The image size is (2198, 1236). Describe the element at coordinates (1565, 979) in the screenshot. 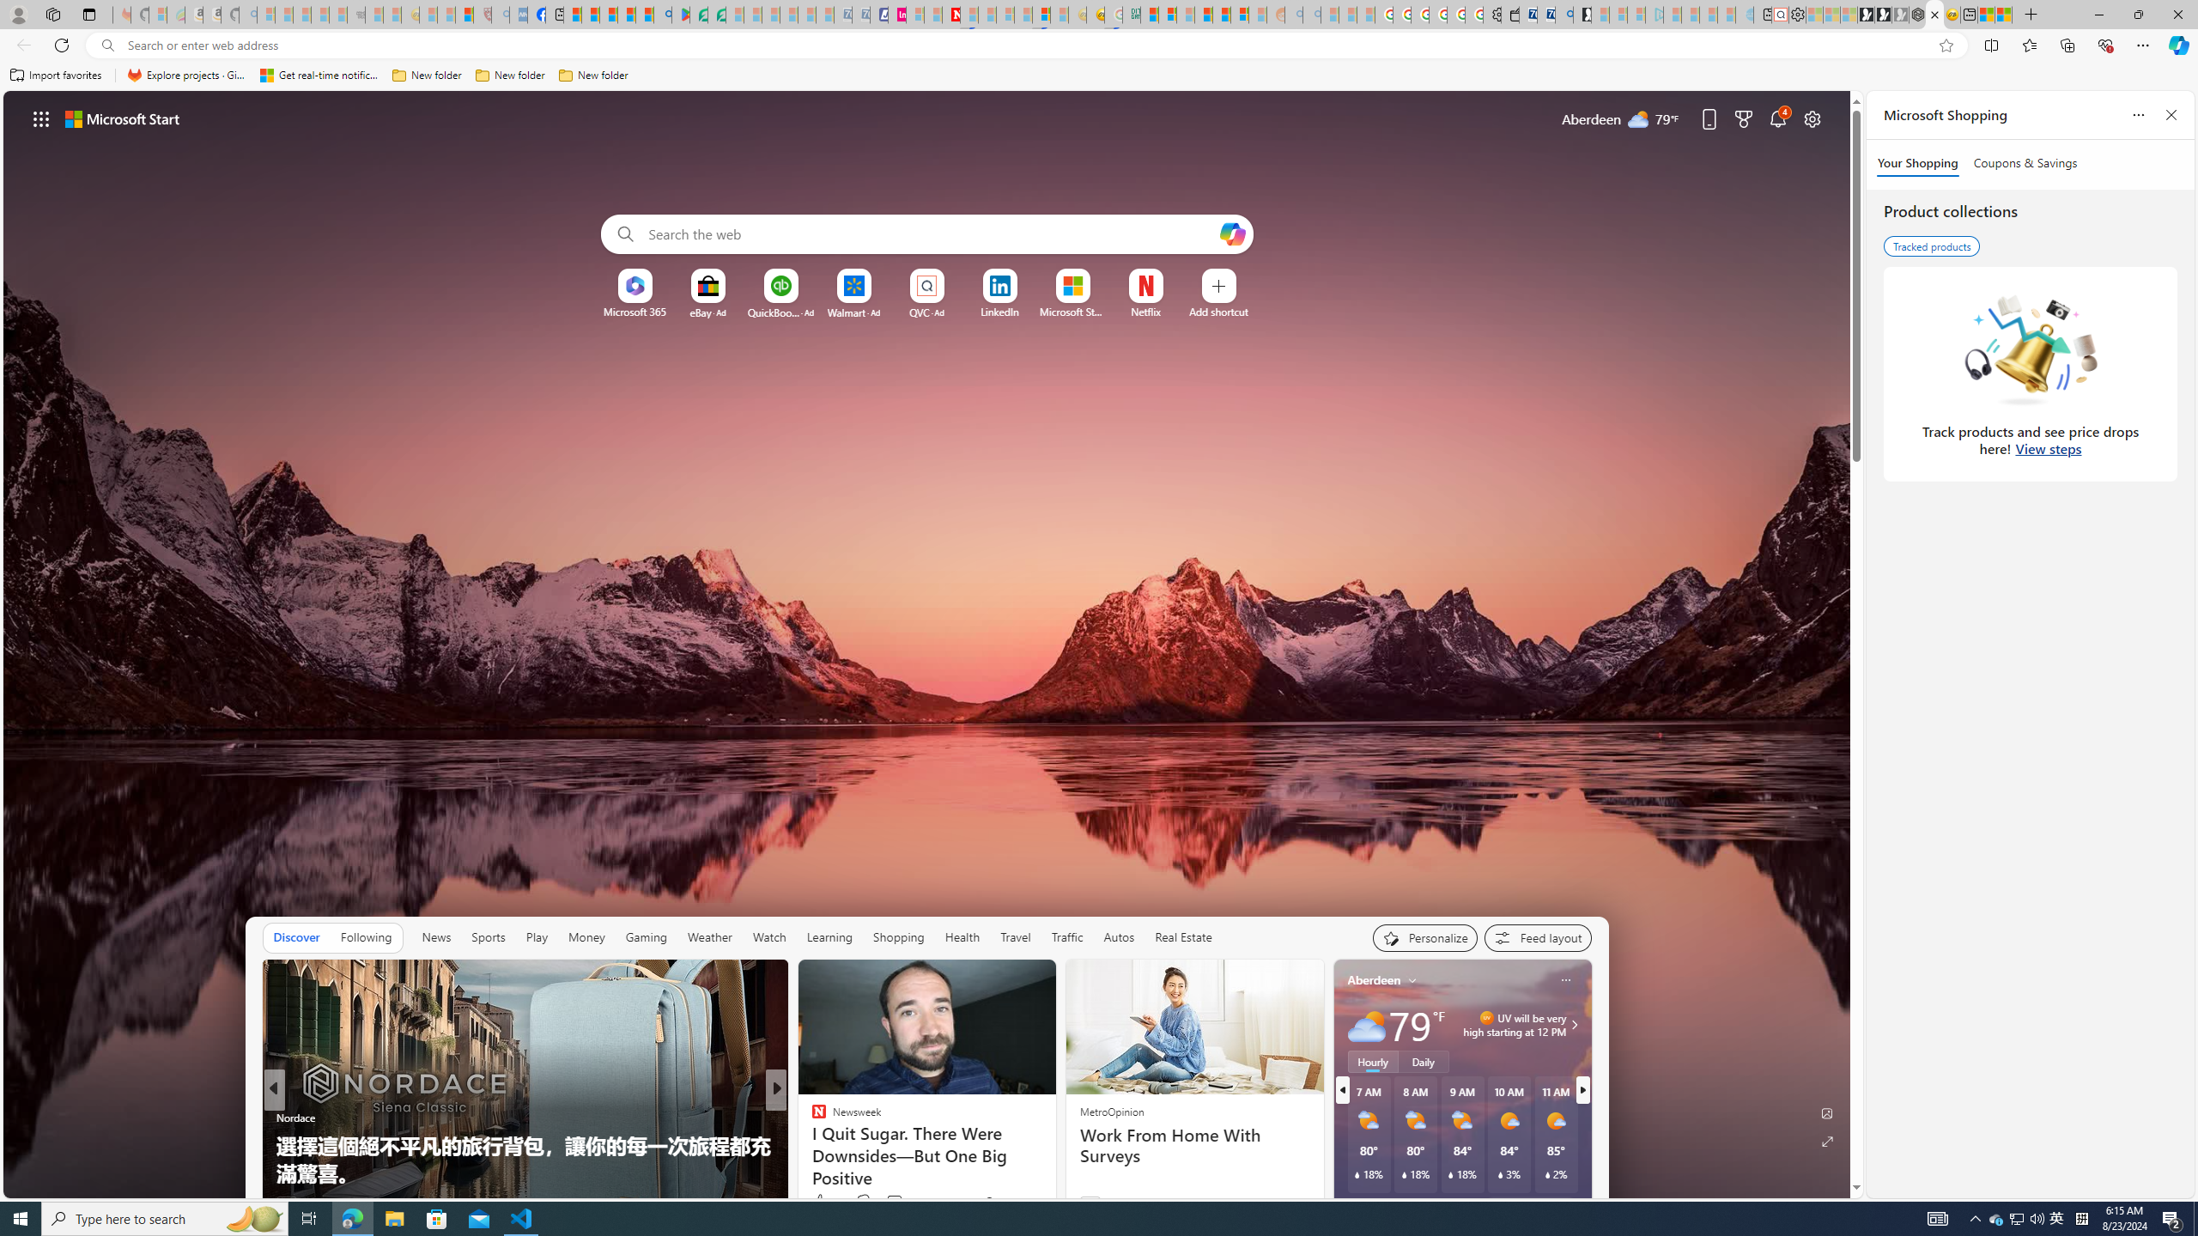

I see `'Class: icon-img'` at that location.